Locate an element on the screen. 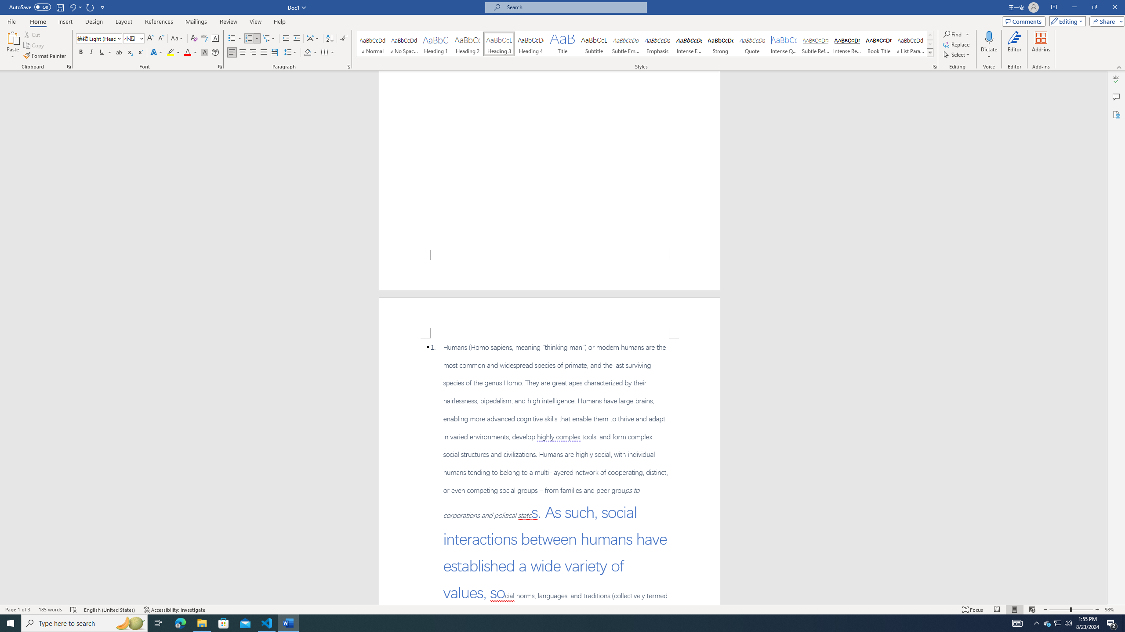 The width and height of the screenshot is (1125, 632). 'Strong' is located at coordinates (720, 43).